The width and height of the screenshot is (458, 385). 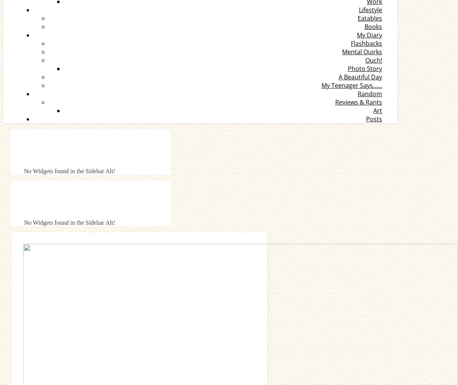 I want to click on 'Posts', so click(x=374, y=118).